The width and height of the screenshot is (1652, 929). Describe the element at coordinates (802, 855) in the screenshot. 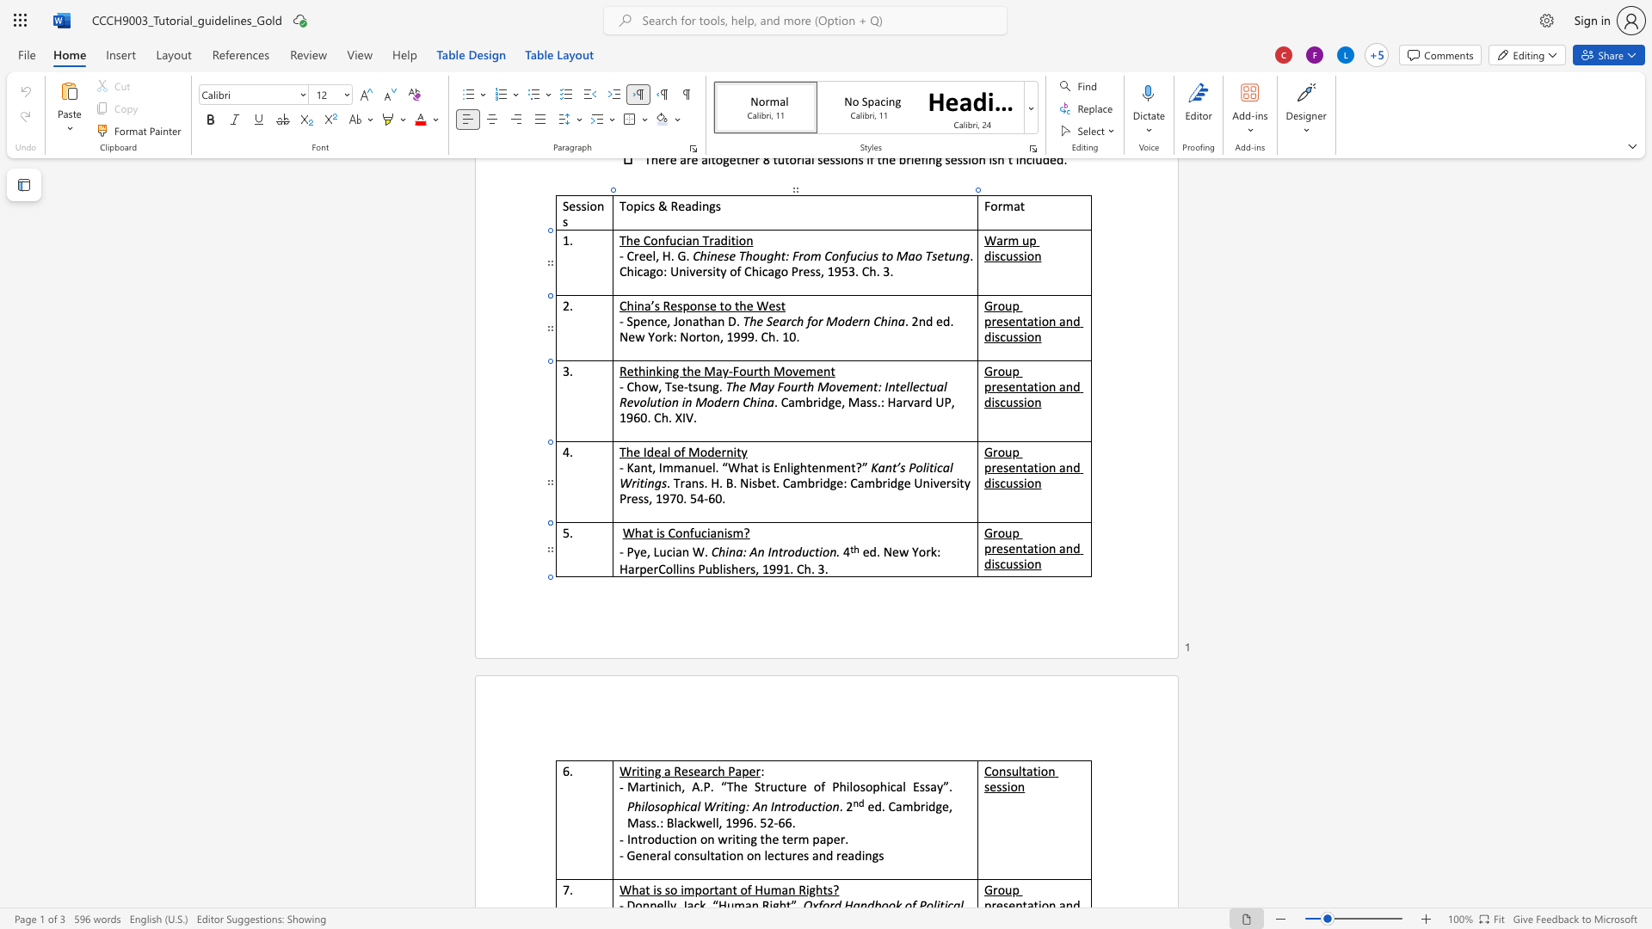

I see `the space between the continuous character "e" and "s" in the text` at that location.